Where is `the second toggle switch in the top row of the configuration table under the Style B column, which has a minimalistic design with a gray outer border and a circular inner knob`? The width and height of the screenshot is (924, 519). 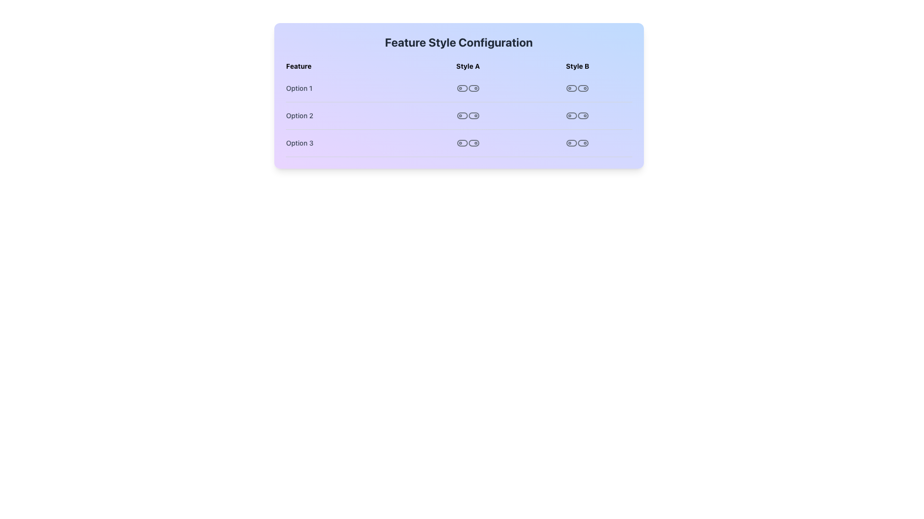 the second toggle switch in the top row of the configuration table under the Style B column, which has a minimalistic design with a gray outer border and a circular inner knob is located at coordinates (583, 88).